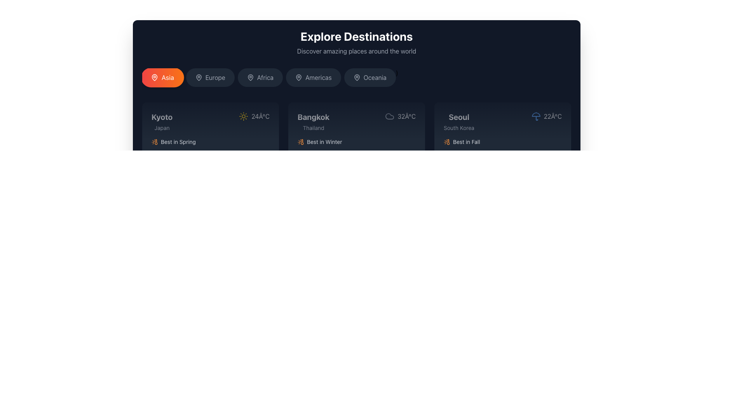  Describe the element at coordinates (535, 116) in the screenshot. I see `the small blue umbrella-shaped icon located to the immediate left of the text '22°C' in the top-right corner of the card labeled 'Seoul'` at that location.